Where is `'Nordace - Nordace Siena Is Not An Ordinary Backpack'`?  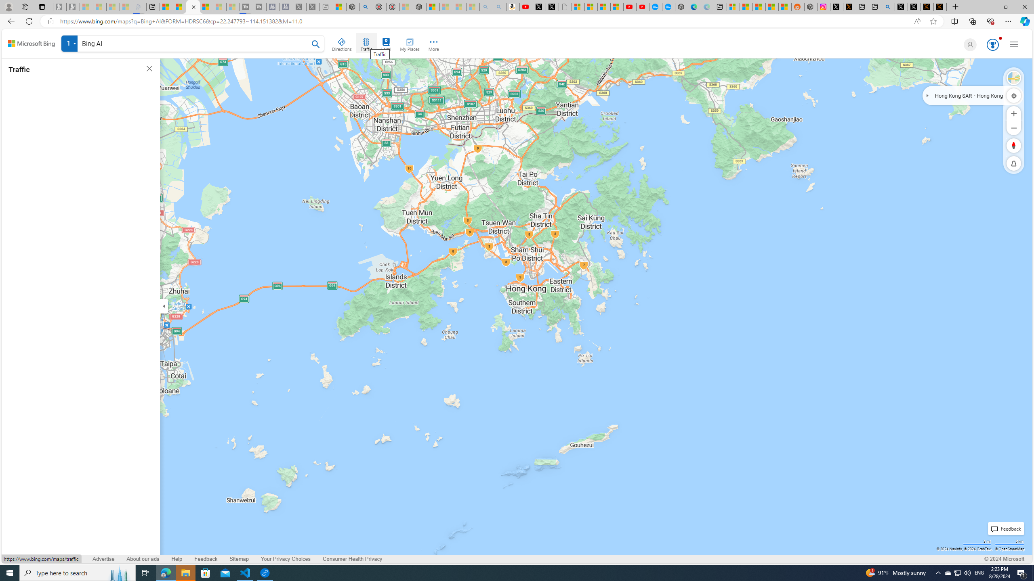
'Nordace - Nordace Siena Is Not An Ordinary Backpack' is located at coordinates (420, 6).